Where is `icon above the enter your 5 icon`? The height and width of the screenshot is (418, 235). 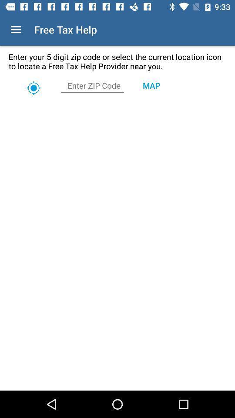
icon above the enter your 5 icon is located at coordinates (16, 30).